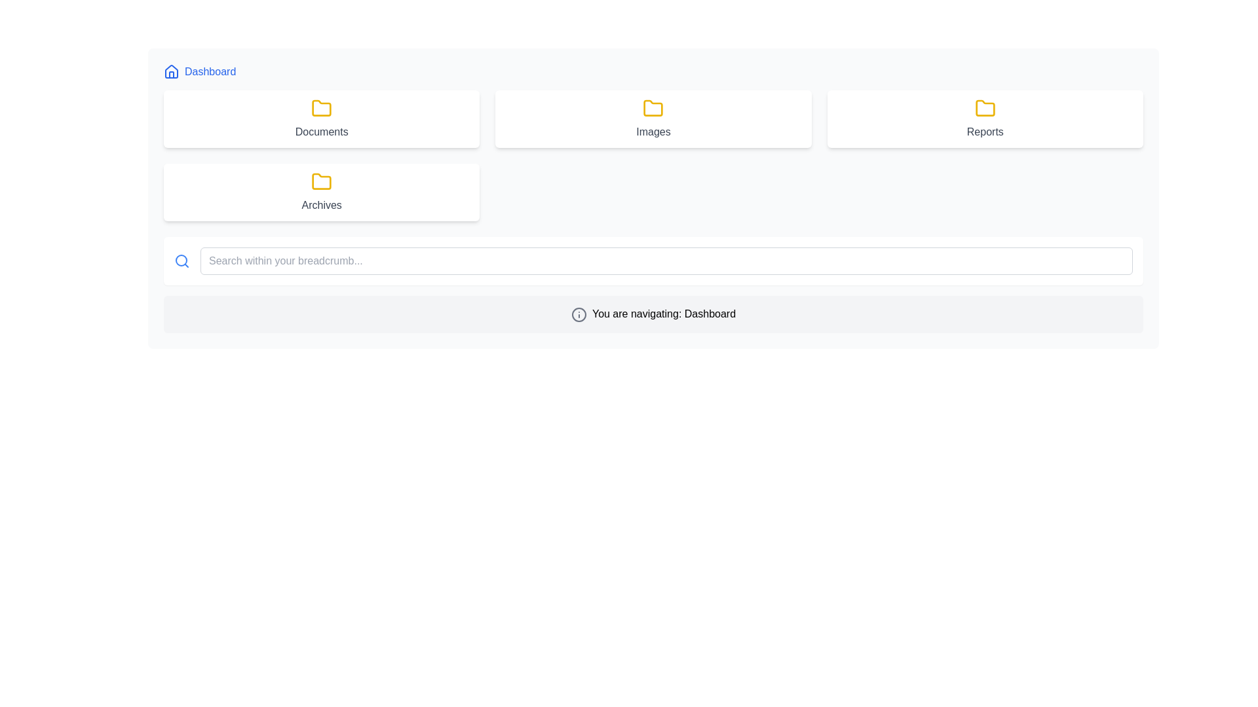 The width and height of the screenshot is (1258, 707). I want to click on the yellow folder outline icon located within the 'Archives' card, centered above the text 'Archives', so click(322, 181).